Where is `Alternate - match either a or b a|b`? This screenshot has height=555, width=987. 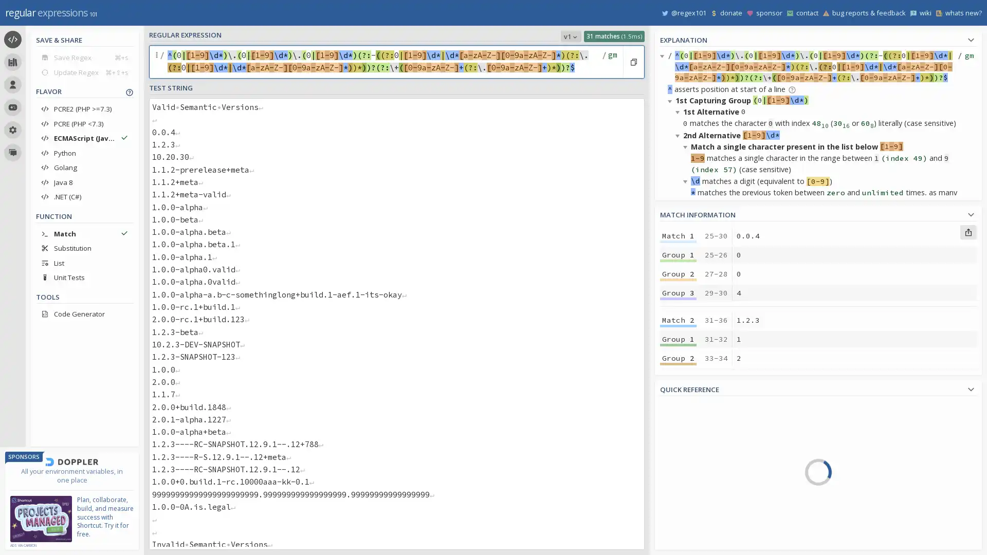
Alternate - match either a or b a|b is located at coordinates (869, 494).